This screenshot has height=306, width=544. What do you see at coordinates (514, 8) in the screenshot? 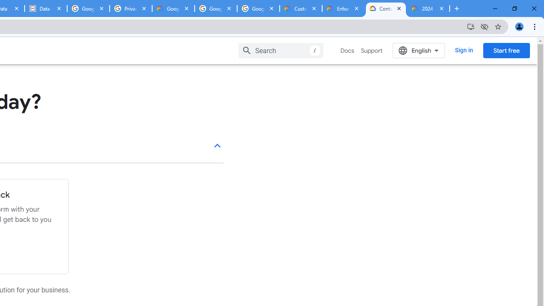
I see `'Restore'` at bounding box center [514, 8].